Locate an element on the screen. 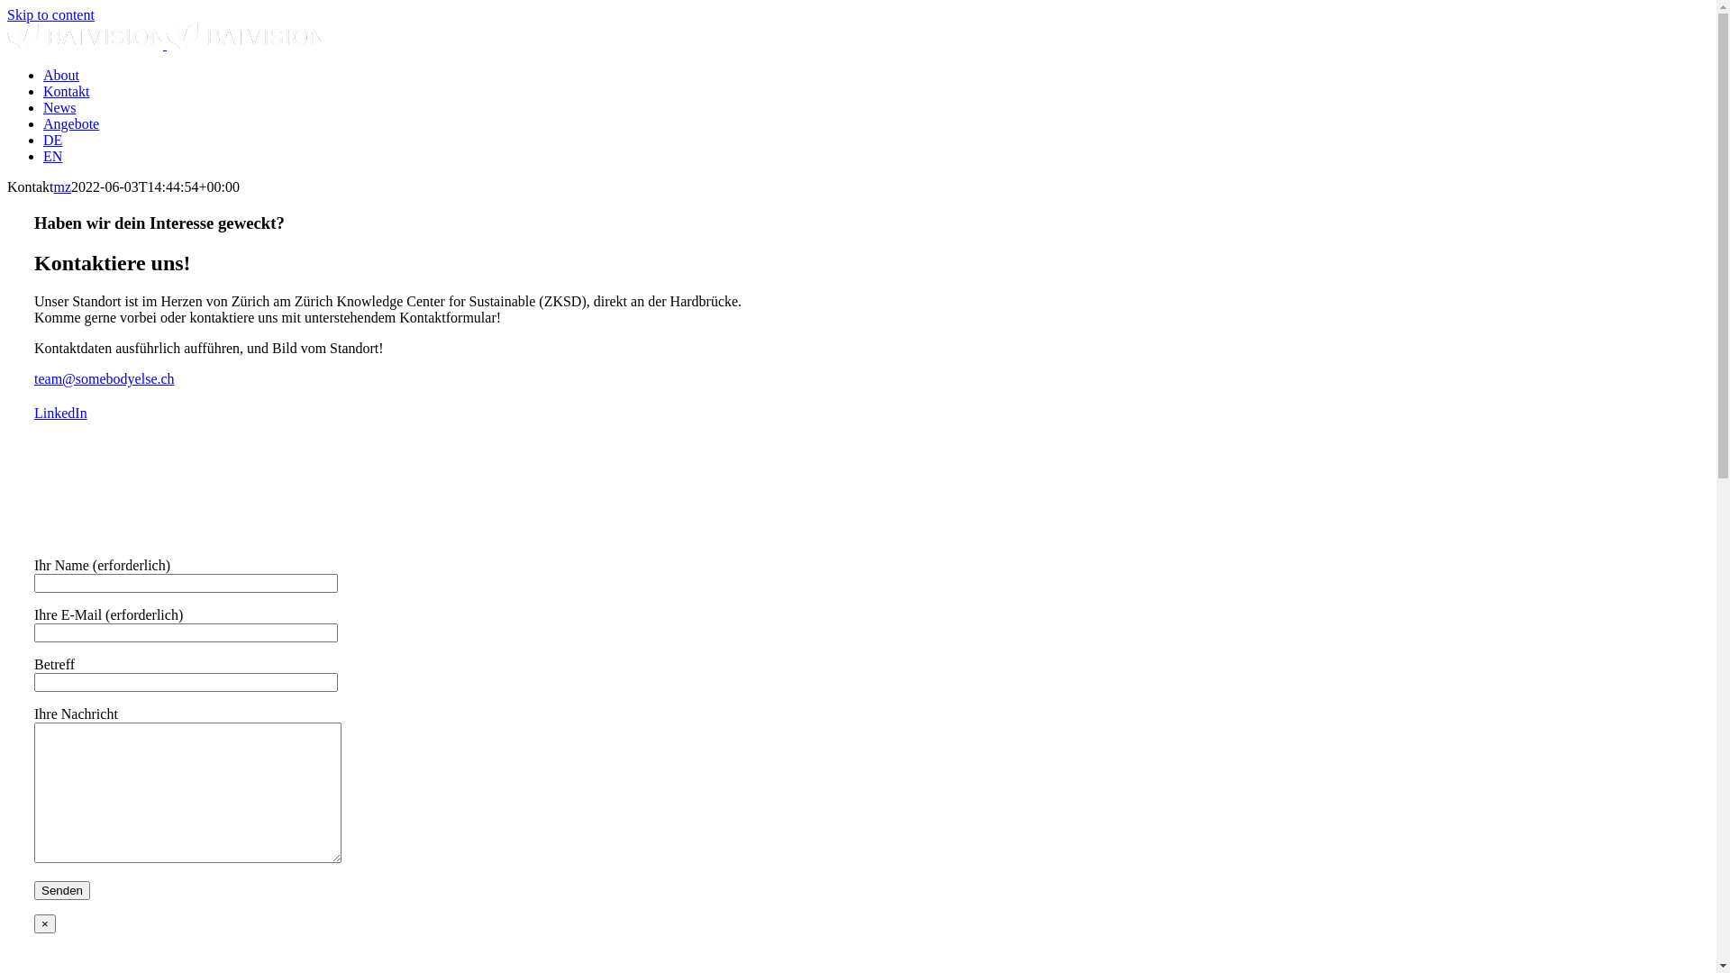 The height and width of the screenshot is (973, 1730). 'EN' is located at coordinates (43, 155).